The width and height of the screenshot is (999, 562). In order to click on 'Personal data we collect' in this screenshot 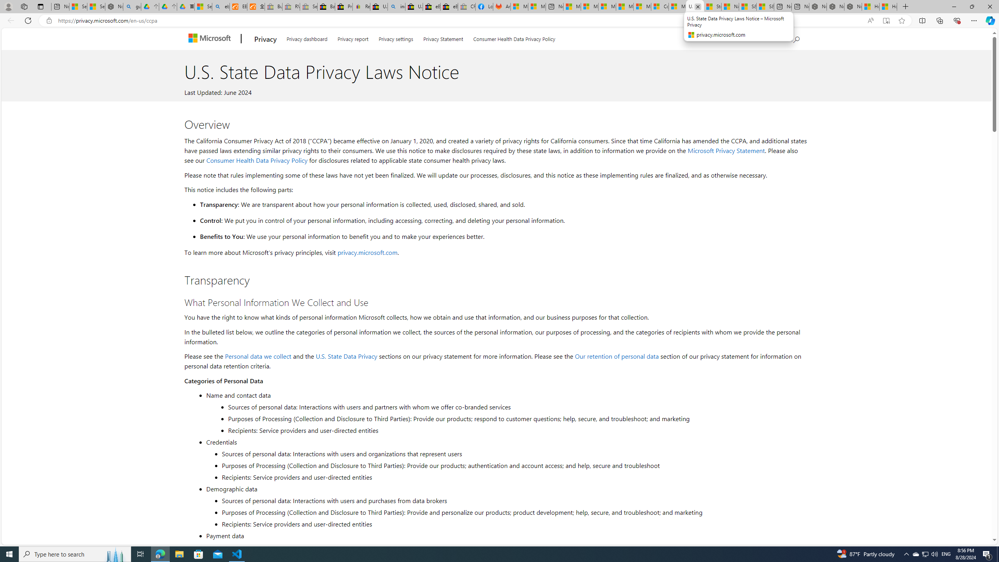, I will do `click(258, 356)`.